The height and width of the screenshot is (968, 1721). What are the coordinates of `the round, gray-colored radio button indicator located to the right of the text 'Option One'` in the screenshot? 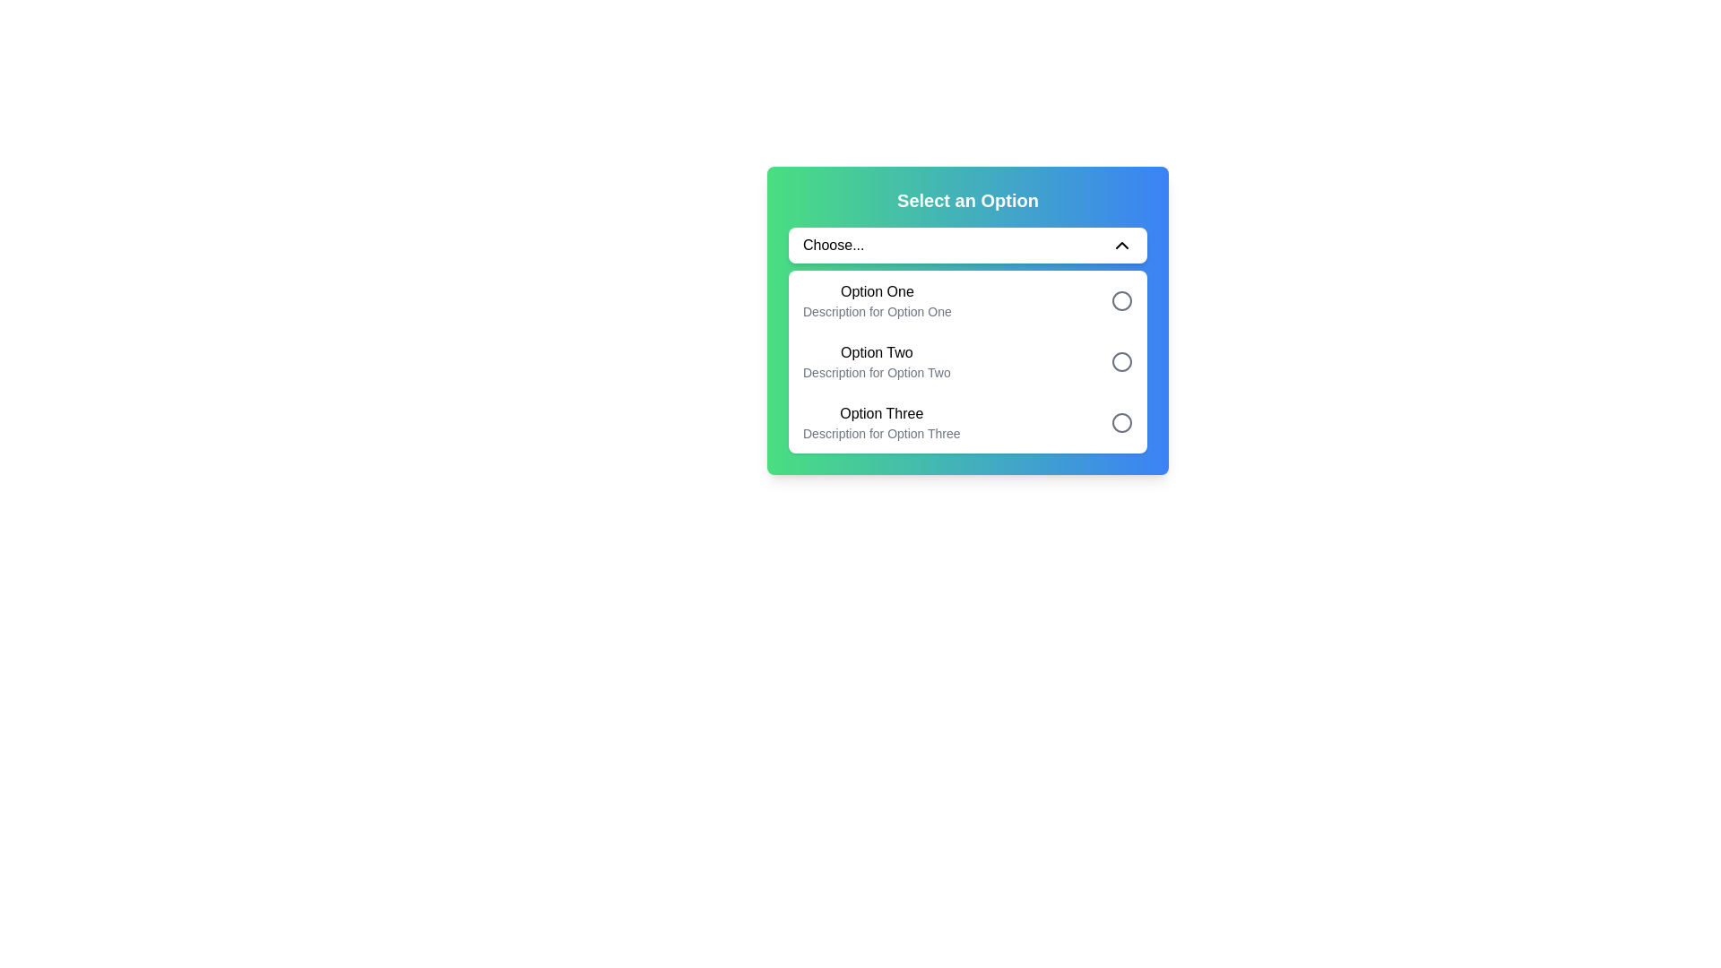 It's located at (1121, 299).